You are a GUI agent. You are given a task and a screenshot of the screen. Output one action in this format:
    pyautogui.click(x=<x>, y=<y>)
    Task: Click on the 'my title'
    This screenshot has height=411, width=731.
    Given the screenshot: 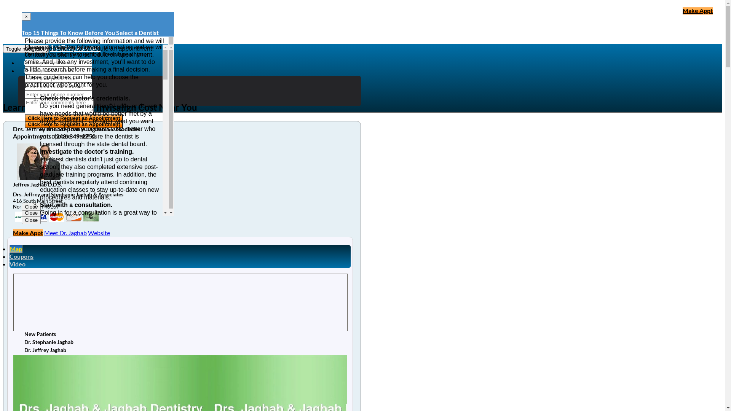 What is the action you would take?
    pyautogui.click(x=56, y=217)
    